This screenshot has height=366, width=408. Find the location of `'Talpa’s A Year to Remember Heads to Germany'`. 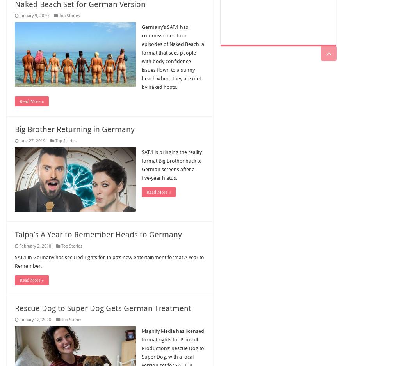

'Talpa’s A Year to Remember Heads to Germany' is located at coordinates (98, 234).